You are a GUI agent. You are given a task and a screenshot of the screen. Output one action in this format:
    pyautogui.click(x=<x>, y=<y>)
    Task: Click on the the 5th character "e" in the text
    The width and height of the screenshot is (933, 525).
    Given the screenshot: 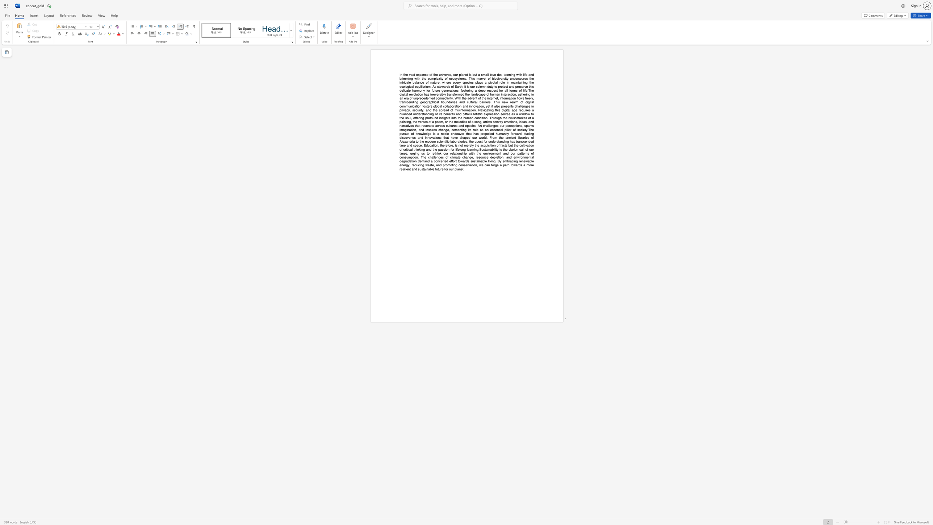 What is the action you would take?
    pyautogui.click(x=457, y=133)
    